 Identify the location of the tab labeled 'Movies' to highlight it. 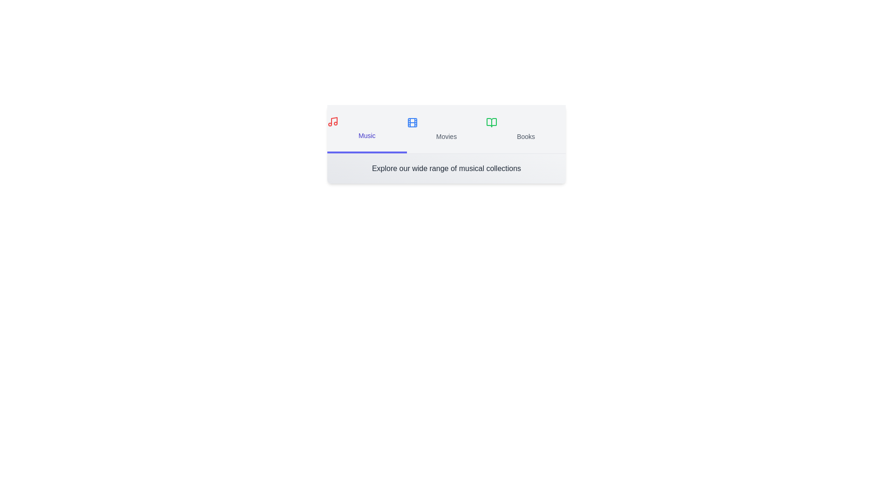
(446, 129).